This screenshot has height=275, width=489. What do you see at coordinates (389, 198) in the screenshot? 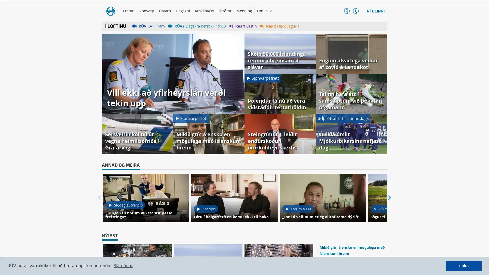
I see `Next` at bounding box center [389, 198].